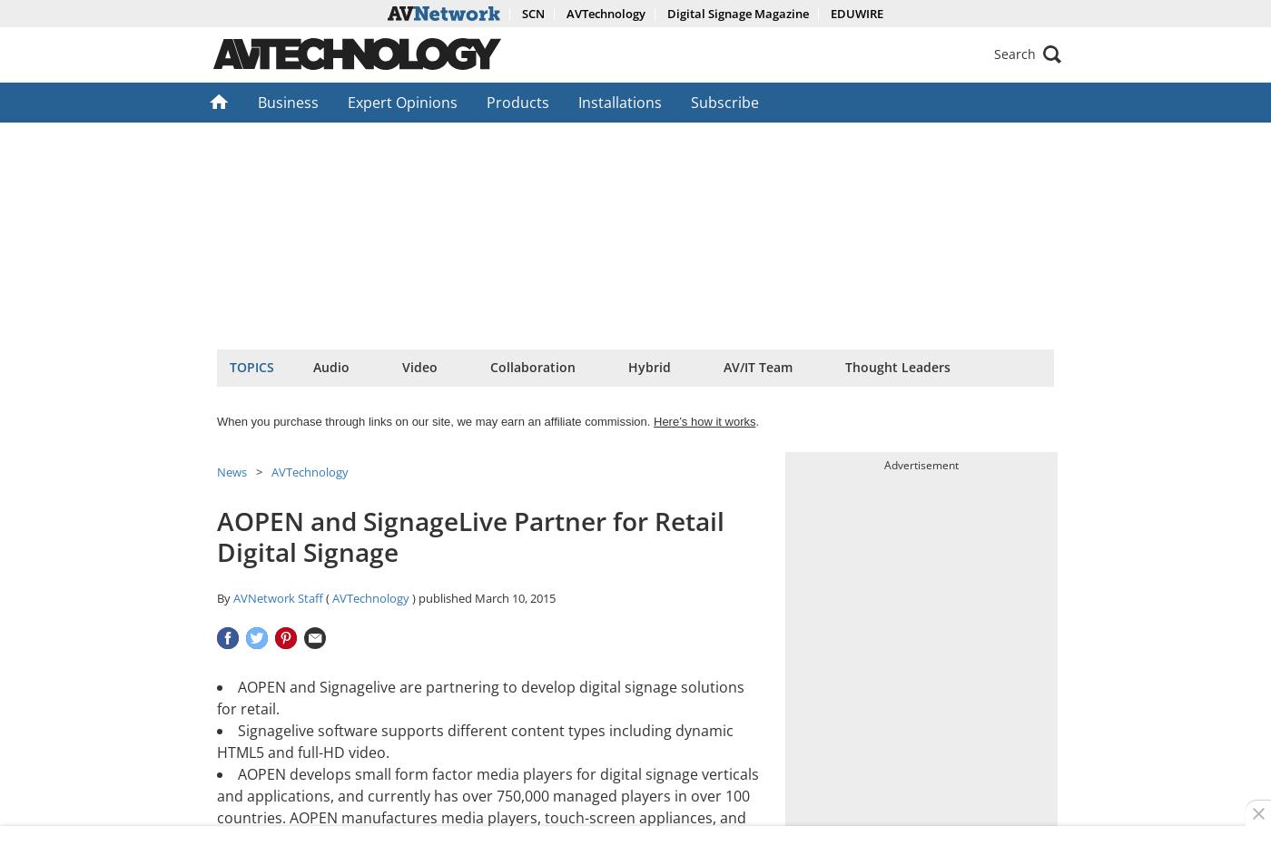 The width and height of the screenshot is (1271, 846). Describe the element at coordinates (470, 535) in the screenshot. I see `'AOPEN and SignageLive Partner for Retail Digital Signage'` at that location.